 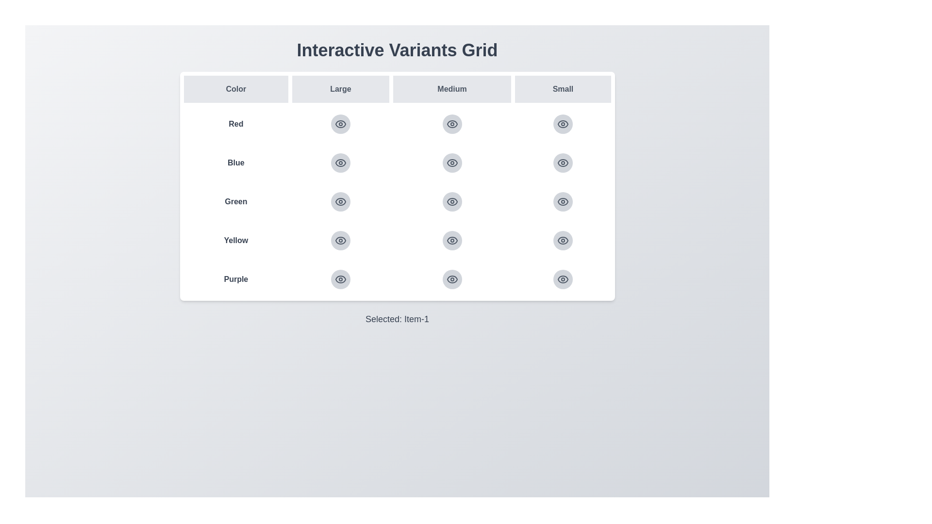 What do you see at coordinates (340, 162) in the screenshot?
I see `the circular icon button with a gray background and eye-like graphic` at bounding box center [340, 162].